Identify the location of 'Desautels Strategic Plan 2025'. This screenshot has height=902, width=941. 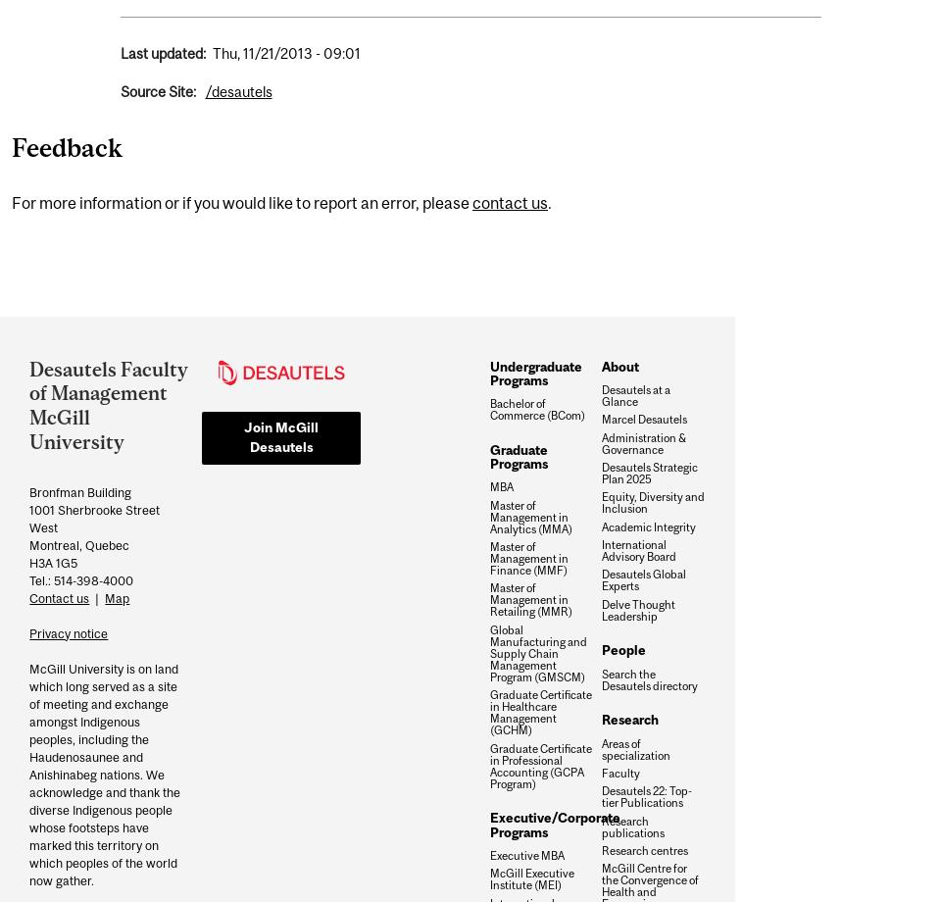
(649, 472).